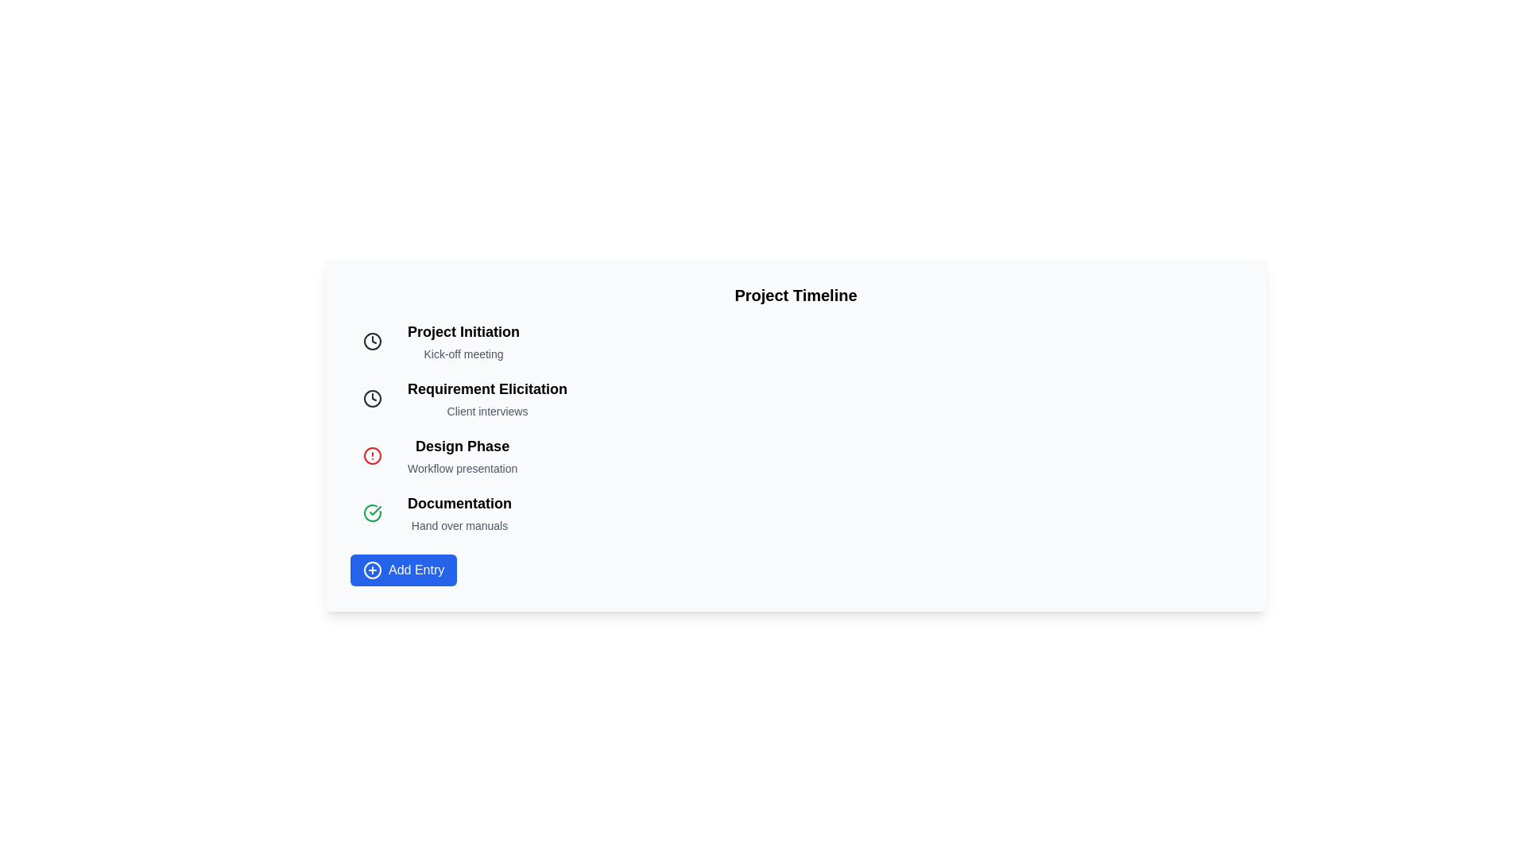 This screenshot has height=858, width=1526. Describe the element at coordinates (404, 569) in the screenshot. I see `the blue rectangular button labeled 'Add Entry' located at the bottom center of the Project Timeline section` at that location.